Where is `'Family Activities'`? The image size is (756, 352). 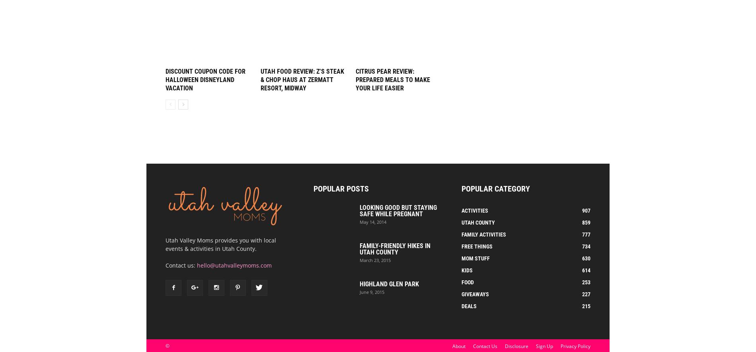
'Family Activities' is located at coordinates (483, 234).